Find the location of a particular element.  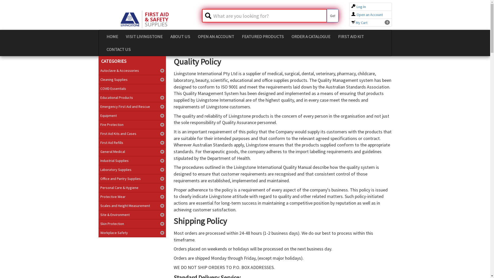

'Autoclave & Accessories' is located at coordinates (132, 70).